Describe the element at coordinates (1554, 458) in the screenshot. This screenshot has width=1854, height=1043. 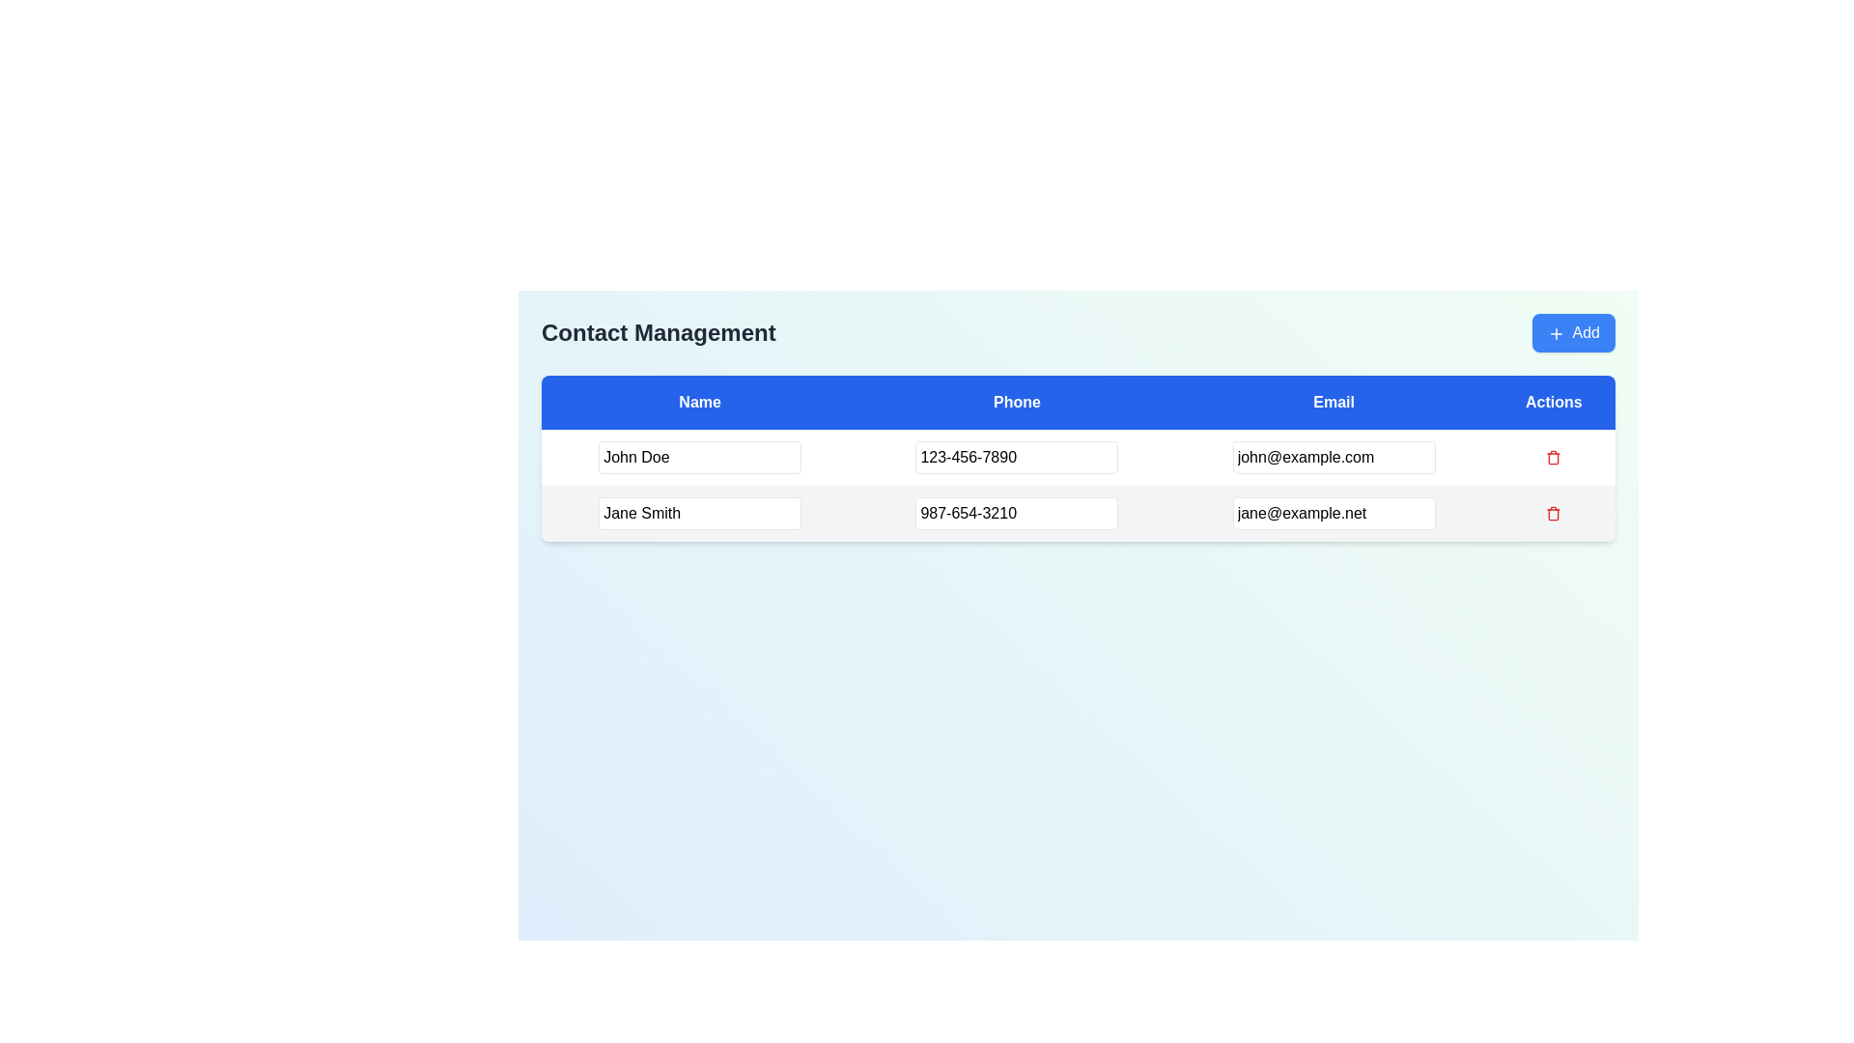
I see `the red trashcan icon in the Actions column of the first row` at that location.